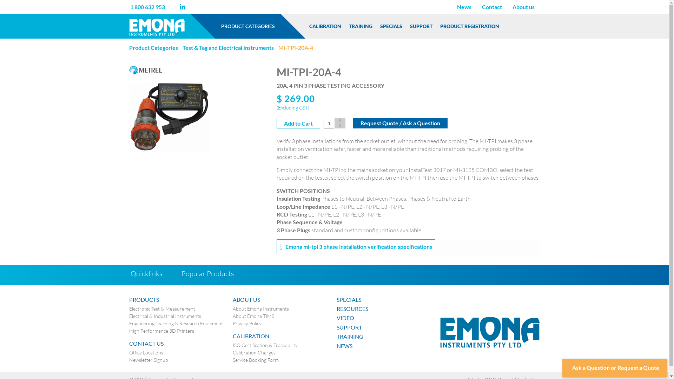 This screenshot has height=379, width=674. I want to click on 'CALIBRATION', so click(305, 26).